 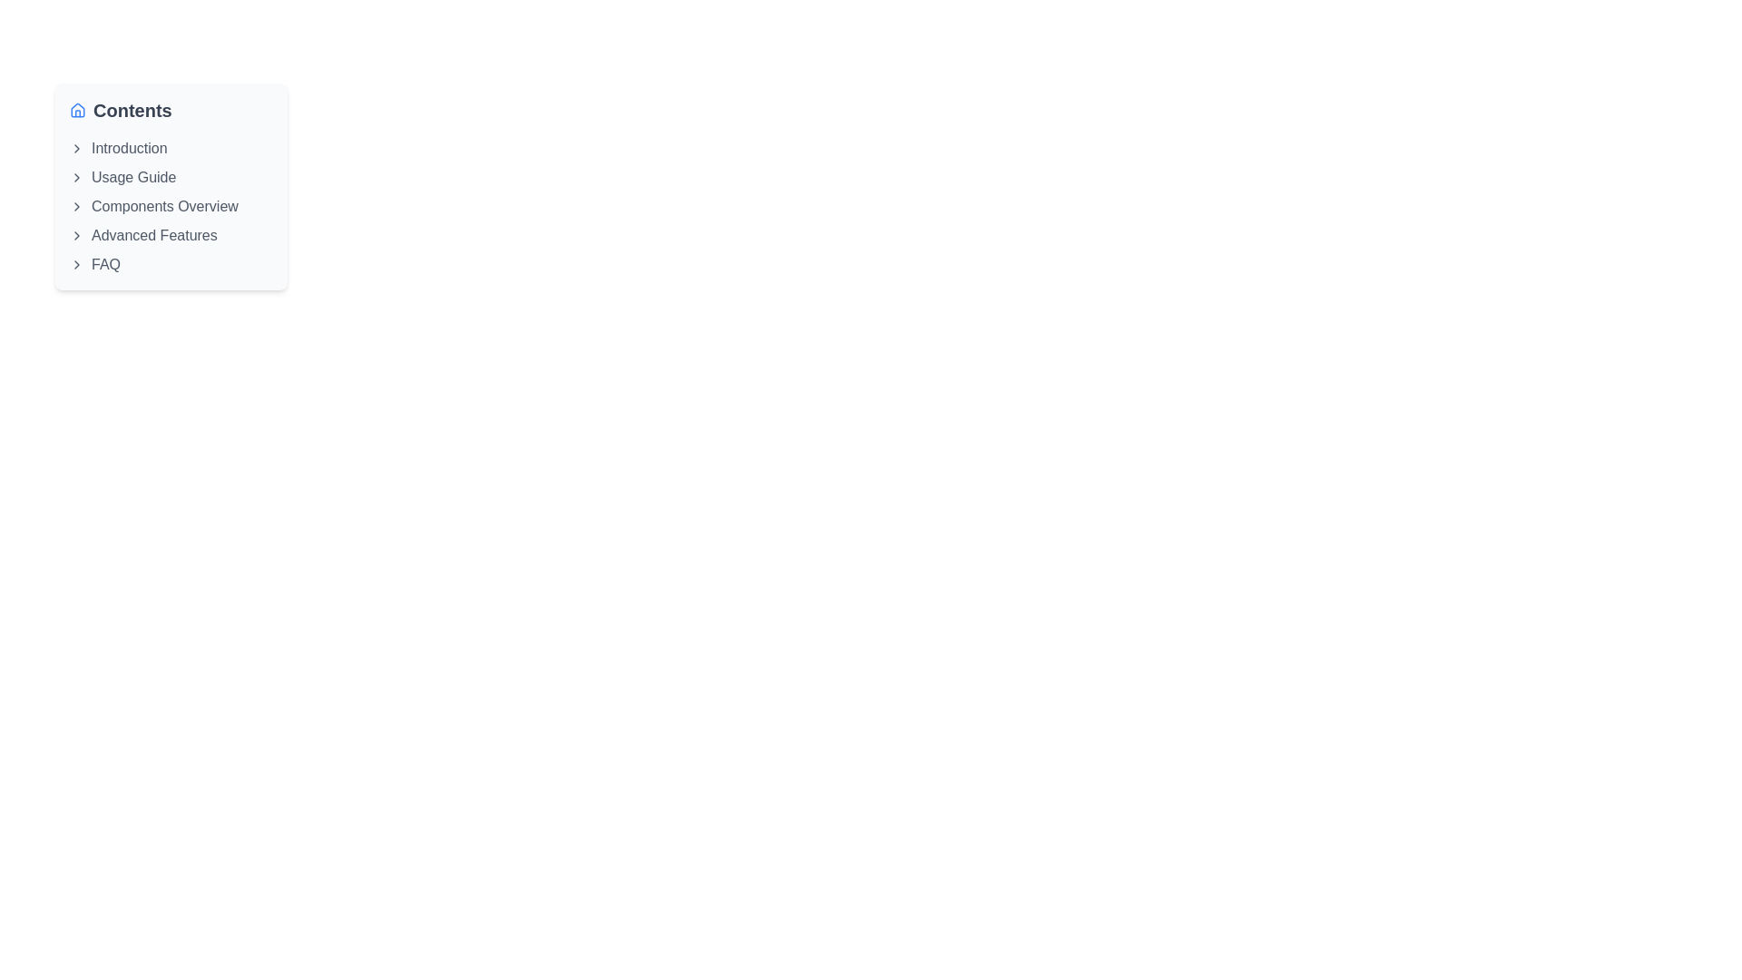 I want to click on the 'Introduction' link with an expandable indicator, so click(x=171, y=148).